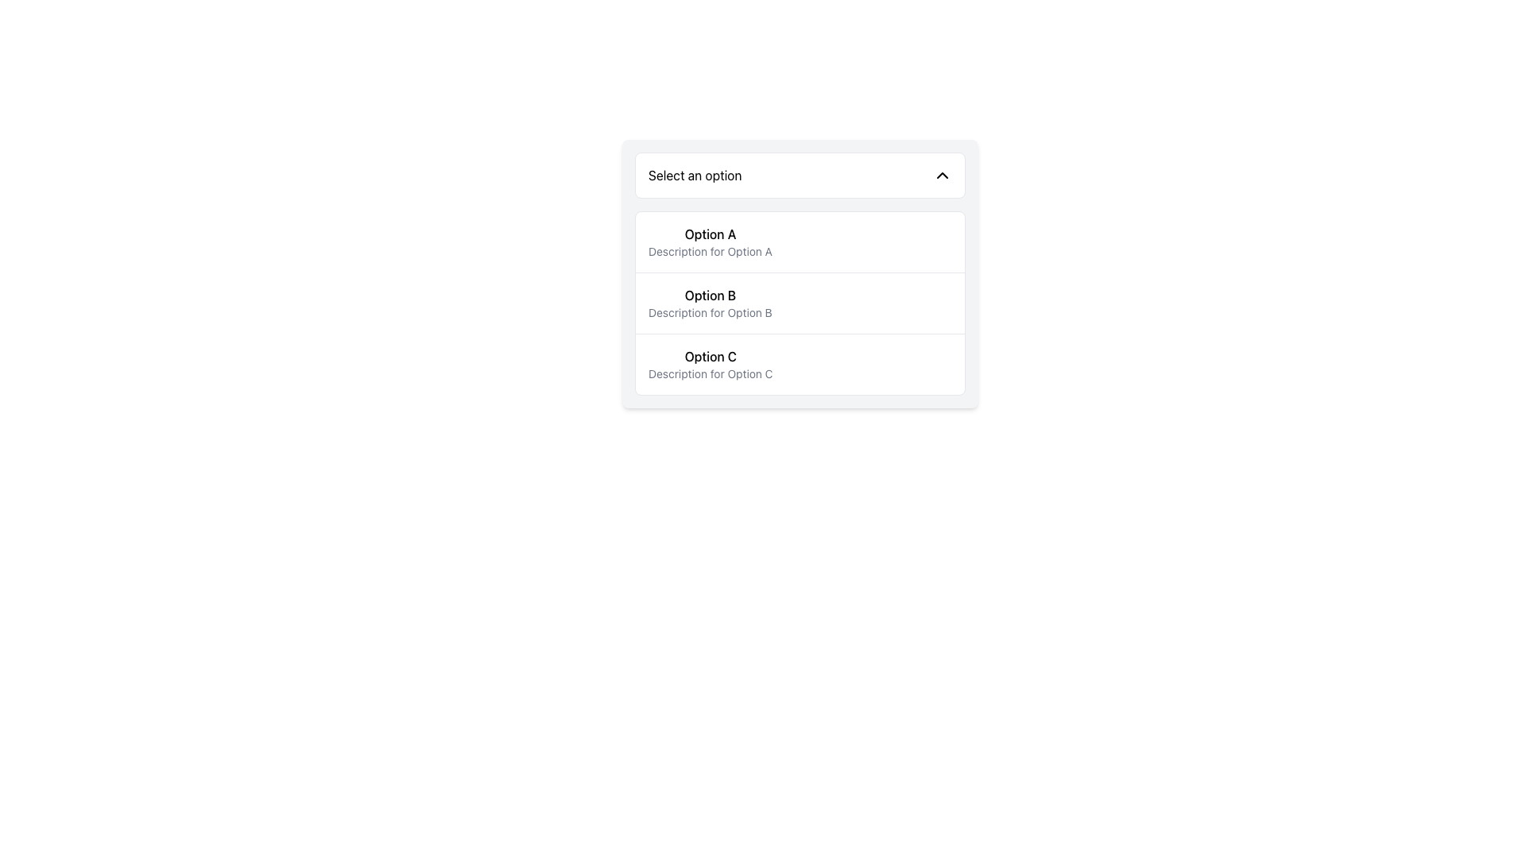 The width and height of the screenshot is (1526, 858). I want to click on text of the second option in the dropdown menu, which is titled 'Option B' and has the description 'Description for Option B', so click(709, 303).